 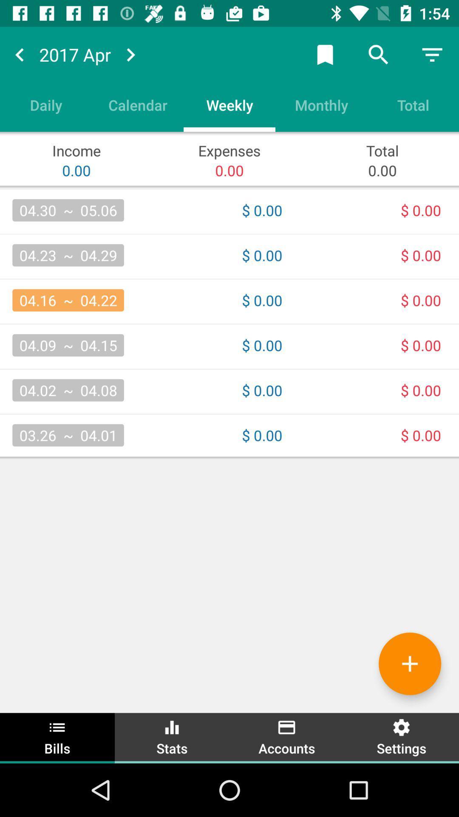 What do you see at coordinates (19, 54) in the screenshot?
I see `the arrow_backward icon` at bounding box center [19, 54].